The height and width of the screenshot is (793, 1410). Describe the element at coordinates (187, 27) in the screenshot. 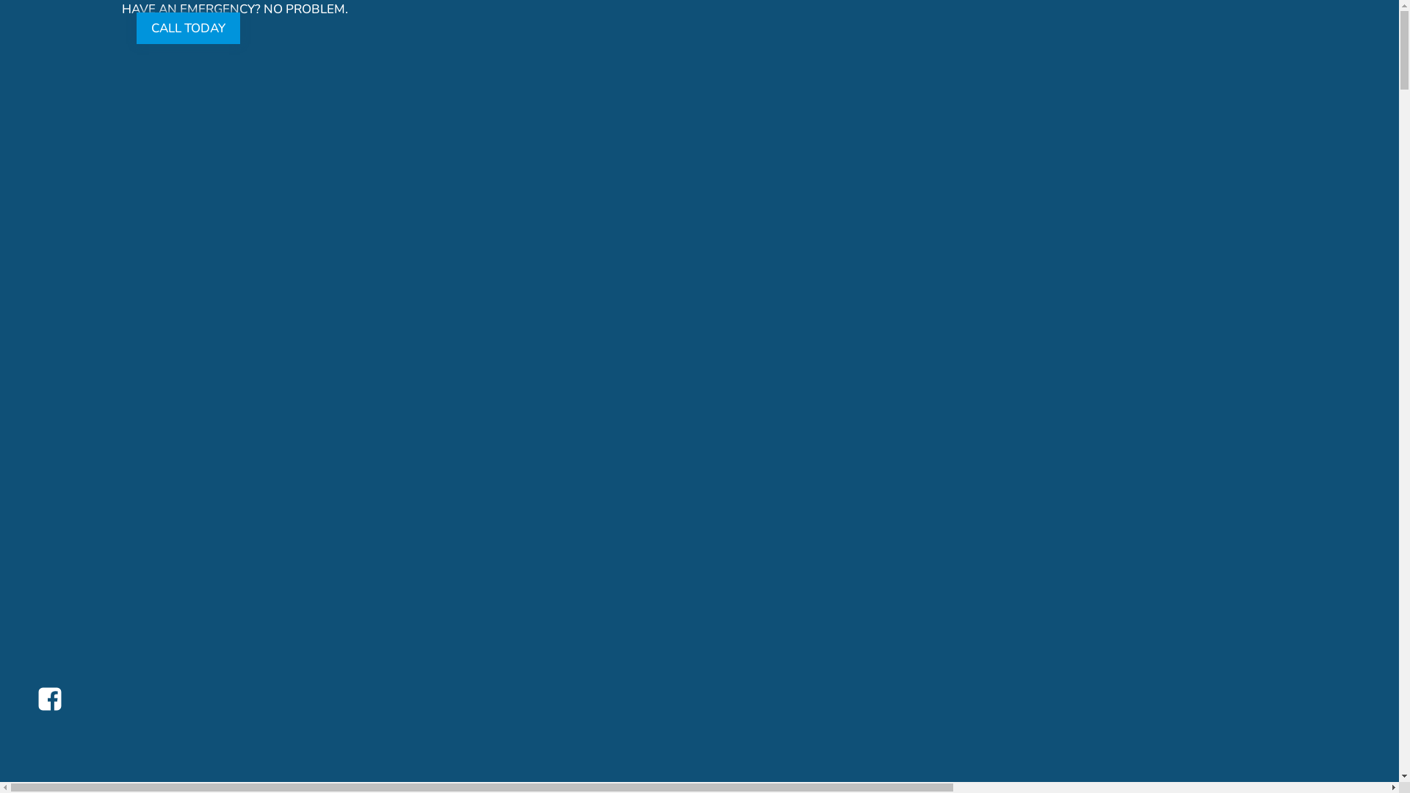

I see `'CALL TODAY'` at that location.